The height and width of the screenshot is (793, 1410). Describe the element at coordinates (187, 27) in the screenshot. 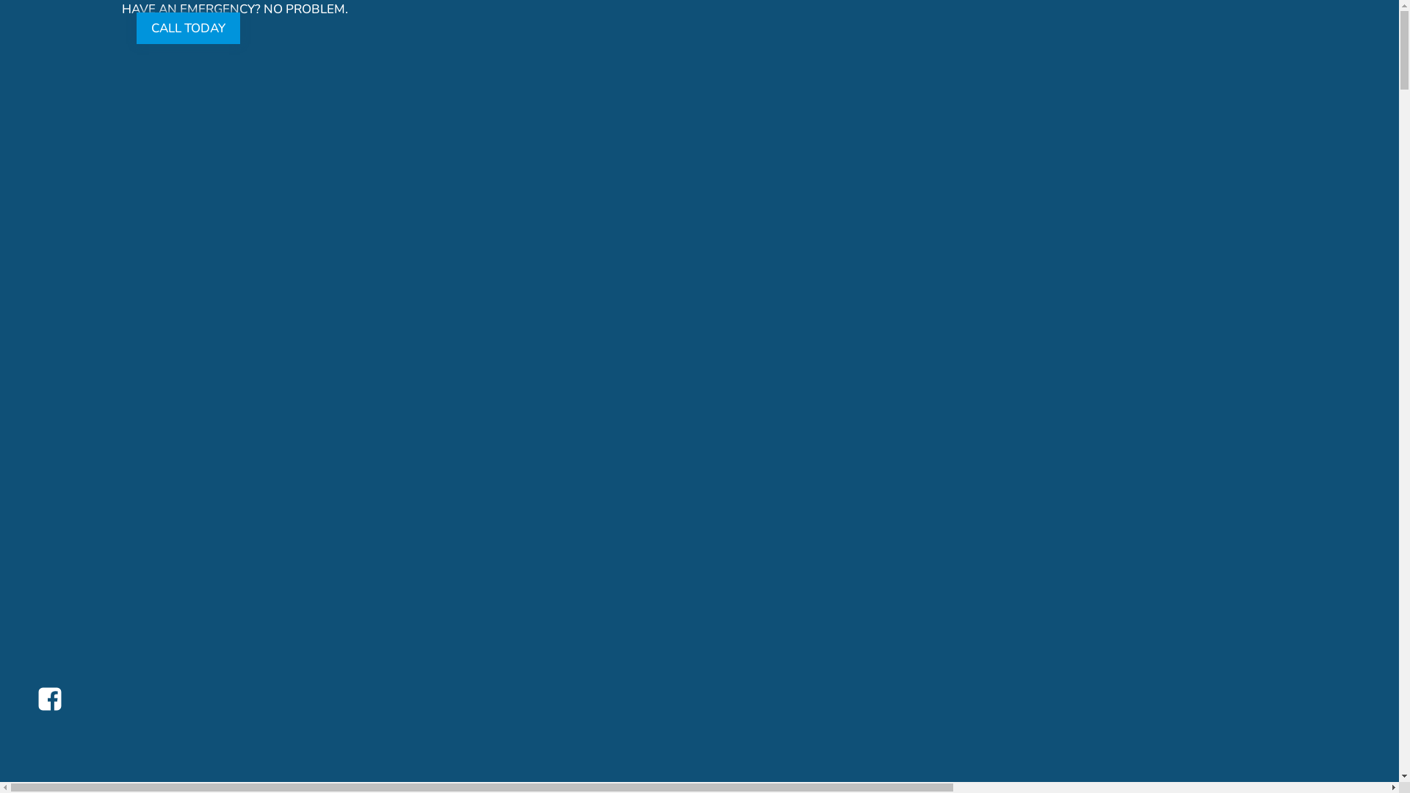

I see `'CALL TODAY'` at that location.